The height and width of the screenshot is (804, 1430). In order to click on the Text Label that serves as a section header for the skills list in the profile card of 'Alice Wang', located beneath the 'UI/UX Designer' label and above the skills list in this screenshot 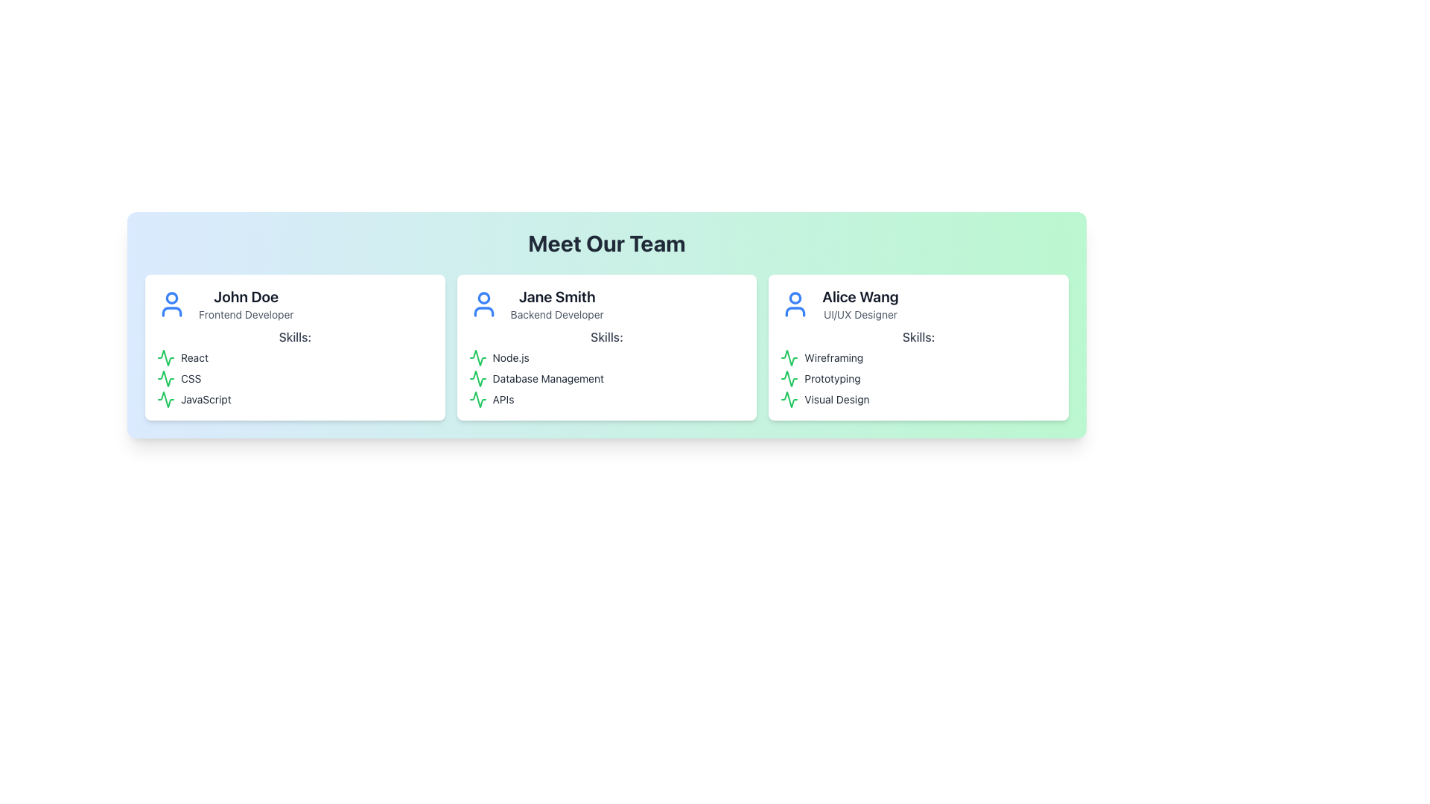, I will do `click(918, 336)`.